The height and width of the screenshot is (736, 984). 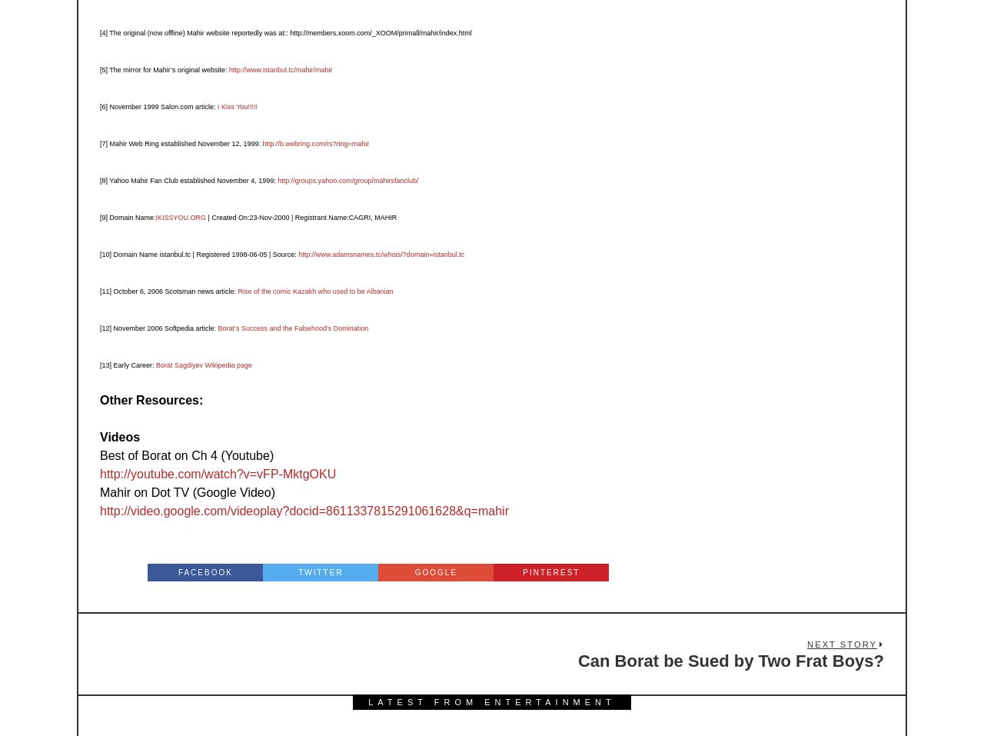 I want to click on 'http://b.webring.com/rs?ring=mahir', so click(x=314, y=143).